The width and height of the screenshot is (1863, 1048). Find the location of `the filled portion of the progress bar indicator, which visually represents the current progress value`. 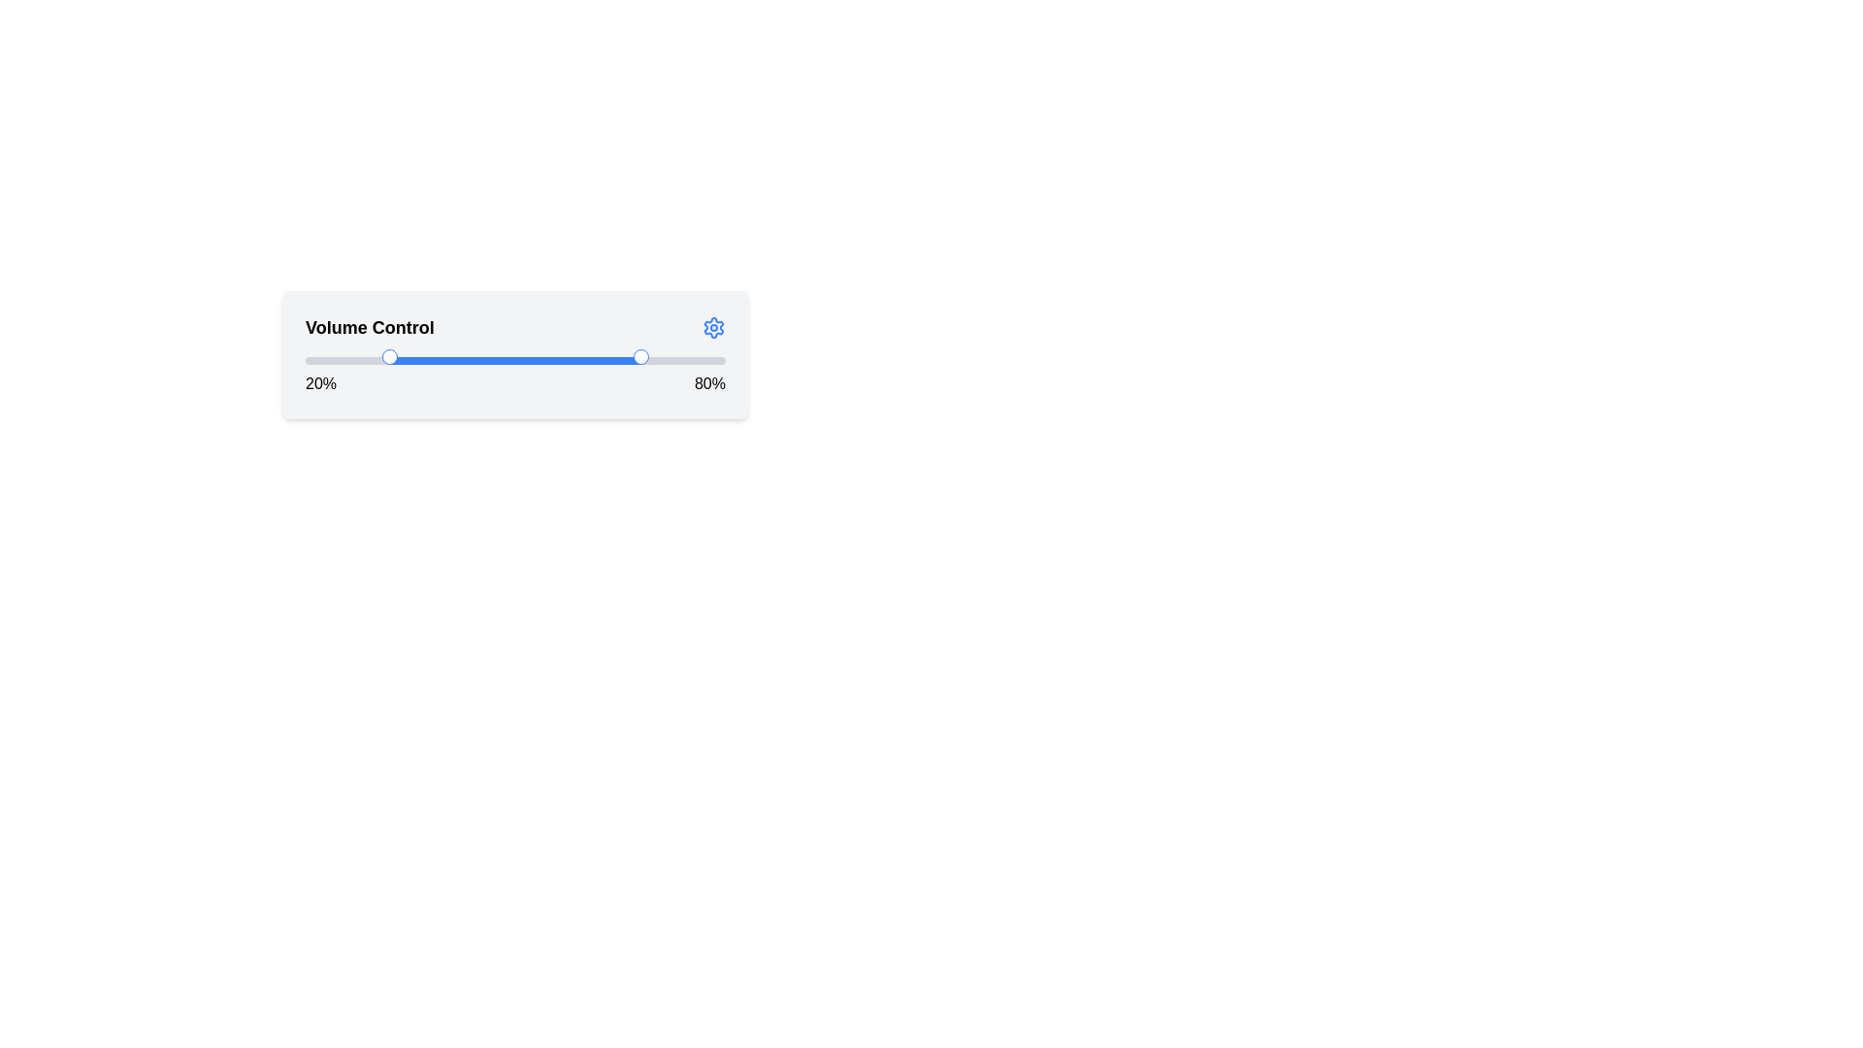

the filled portion of the progress bar indicator, which visually represents the current progress value is located at coordinates (515, 360).